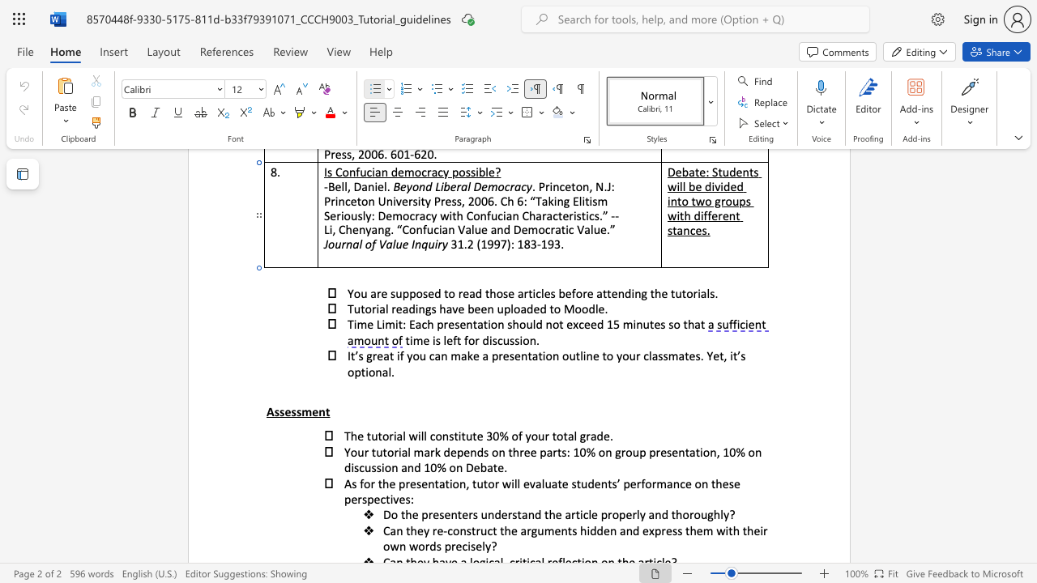 Image resolution: width=1037 pixels, height=583 pixels. I want to click on the 2th character "l" in the text, so click(650, 355).